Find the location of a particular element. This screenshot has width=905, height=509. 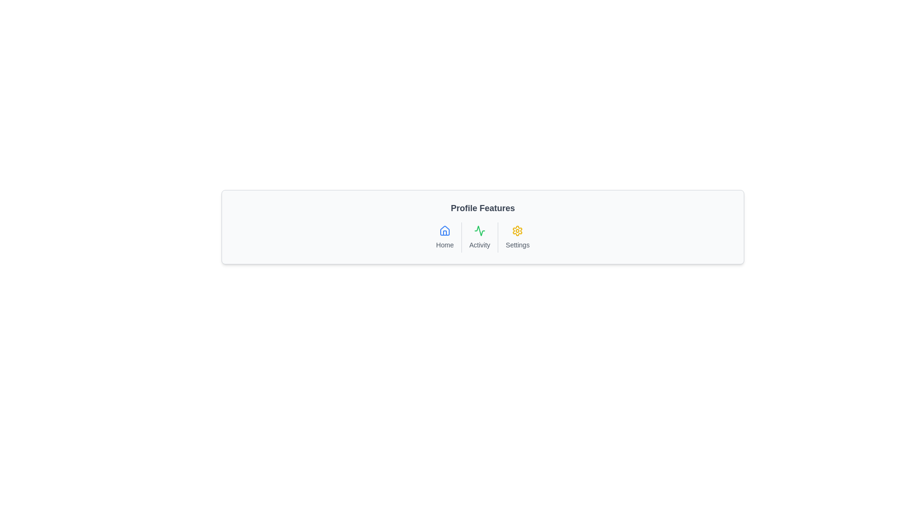

the vertical separator line located between the 'Home' and 'Activity' sections in the middle of the menu is located at coordinates (461, 237).